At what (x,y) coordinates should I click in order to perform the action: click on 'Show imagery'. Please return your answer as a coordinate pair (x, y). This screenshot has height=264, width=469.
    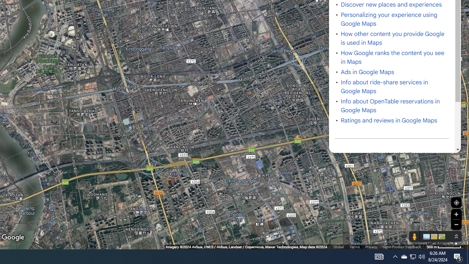
    Looking at the image, I should click on (440, 236).